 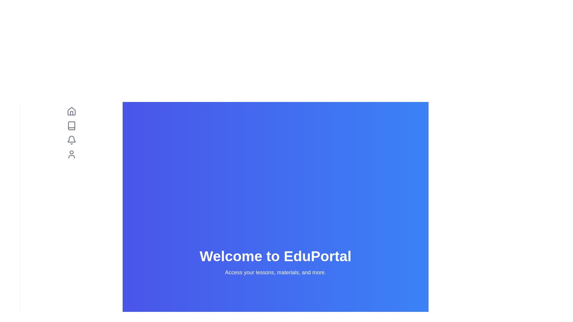 I want to click on the bell navigation icon, so click(x=71, y=140).